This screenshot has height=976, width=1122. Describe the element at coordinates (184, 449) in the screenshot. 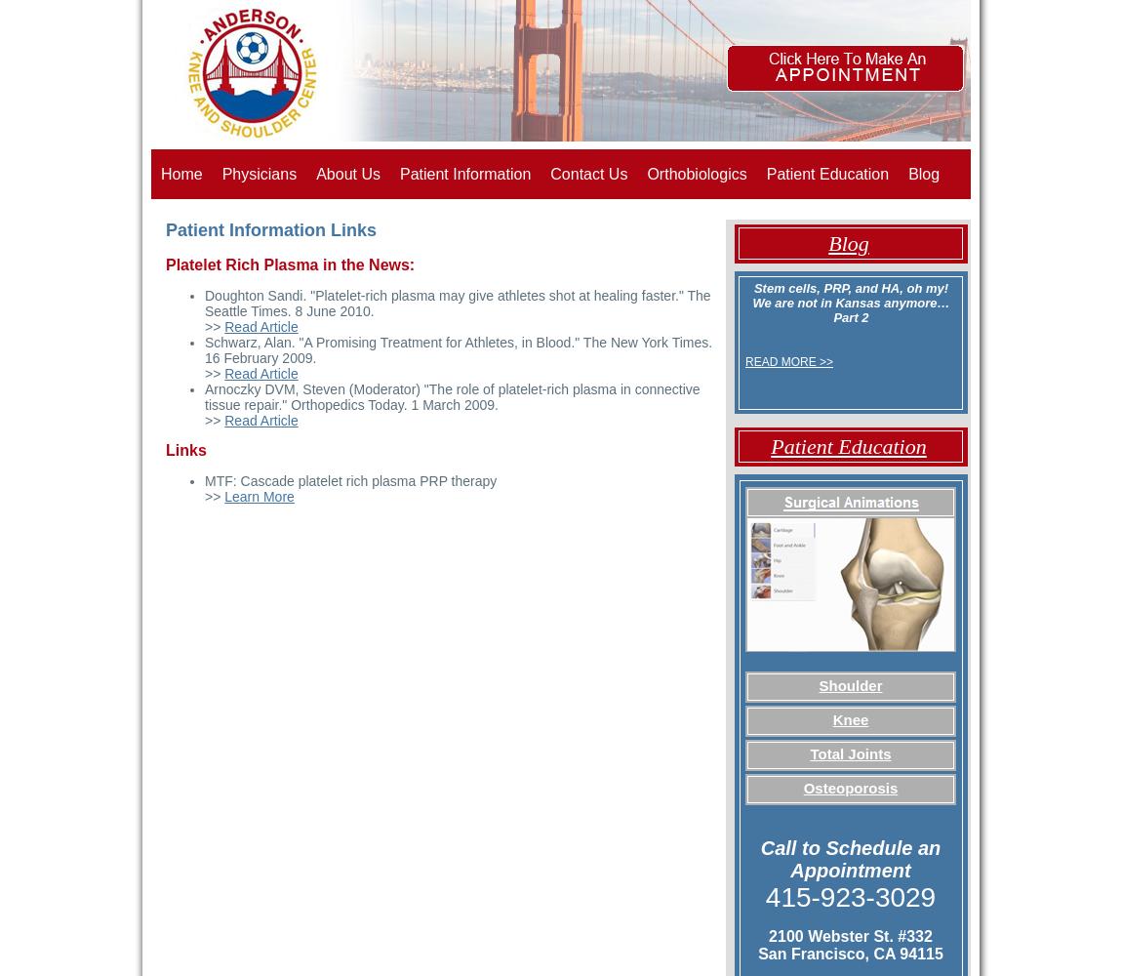

I see `'Links'` at that location.